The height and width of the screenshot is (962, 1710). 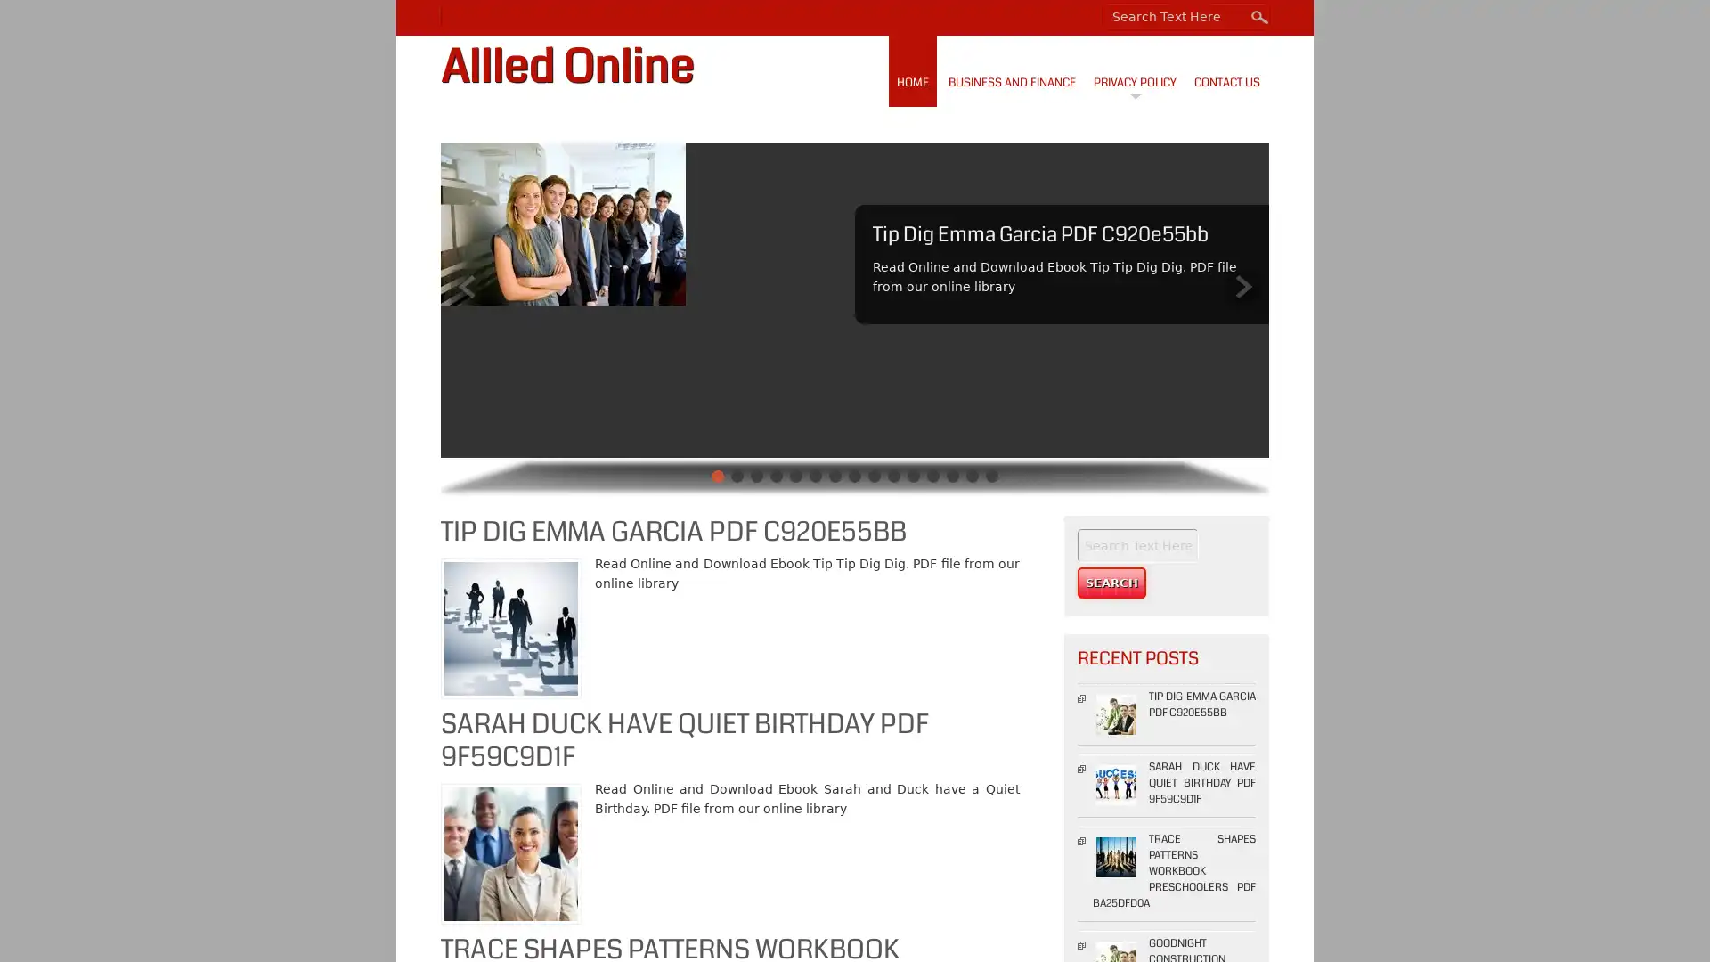 What do you see at coordinates (1111, 583) in the screenshot?
I see `Search` at bounding box center [1111, 583].